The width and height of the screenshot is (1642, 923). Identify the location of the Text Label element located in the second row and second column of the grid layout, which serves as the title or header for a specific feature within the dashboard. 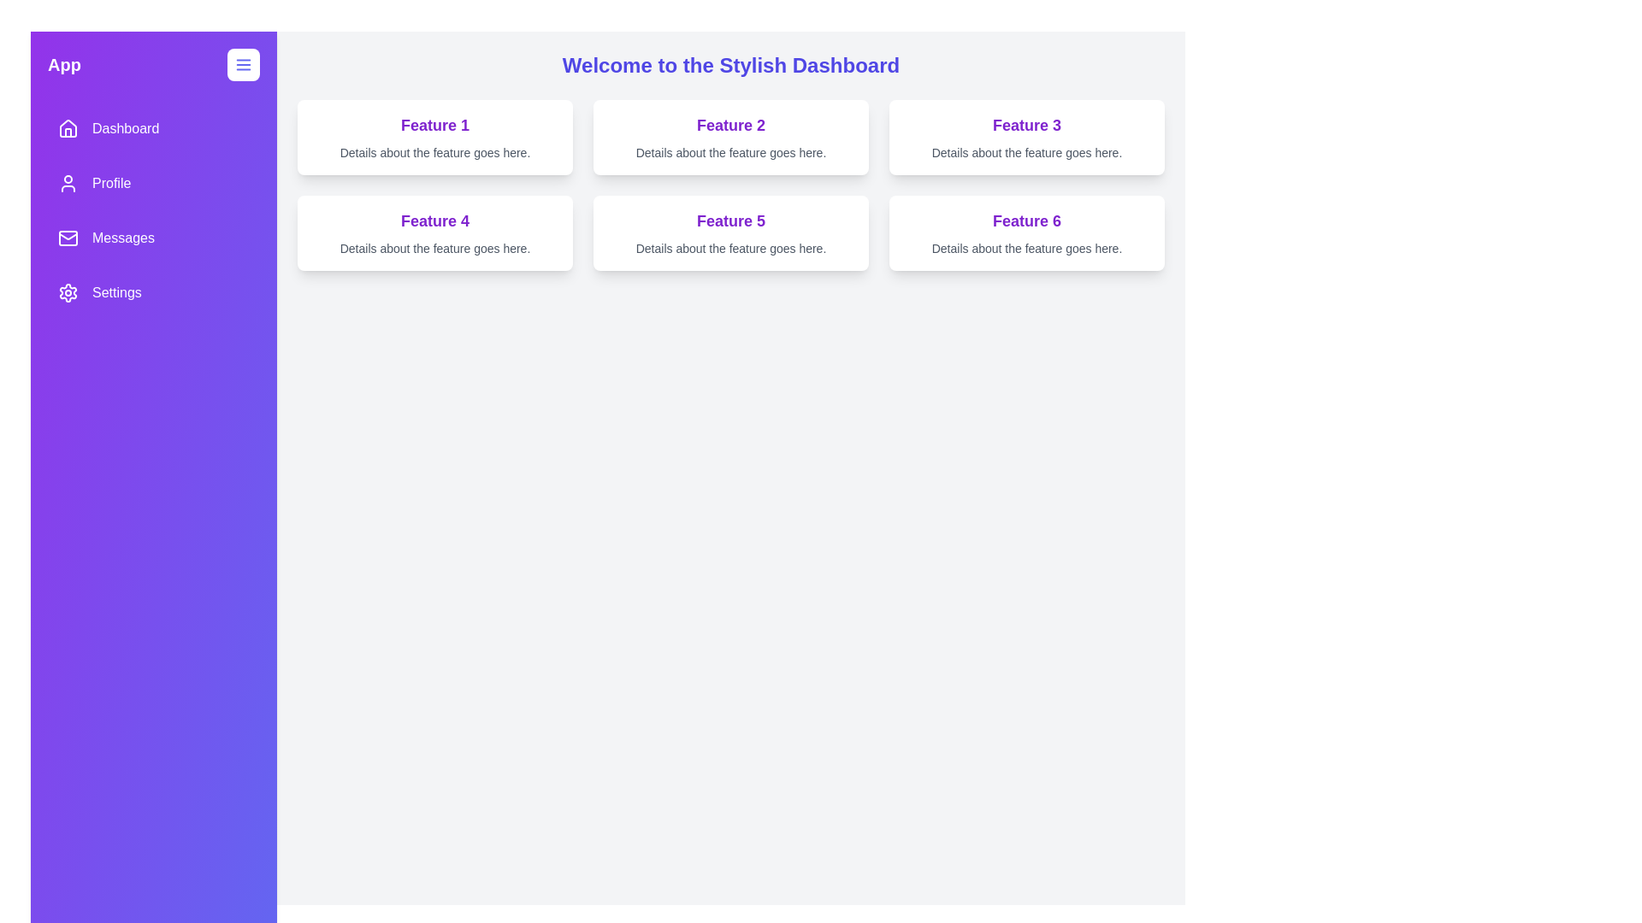
(730, 220).